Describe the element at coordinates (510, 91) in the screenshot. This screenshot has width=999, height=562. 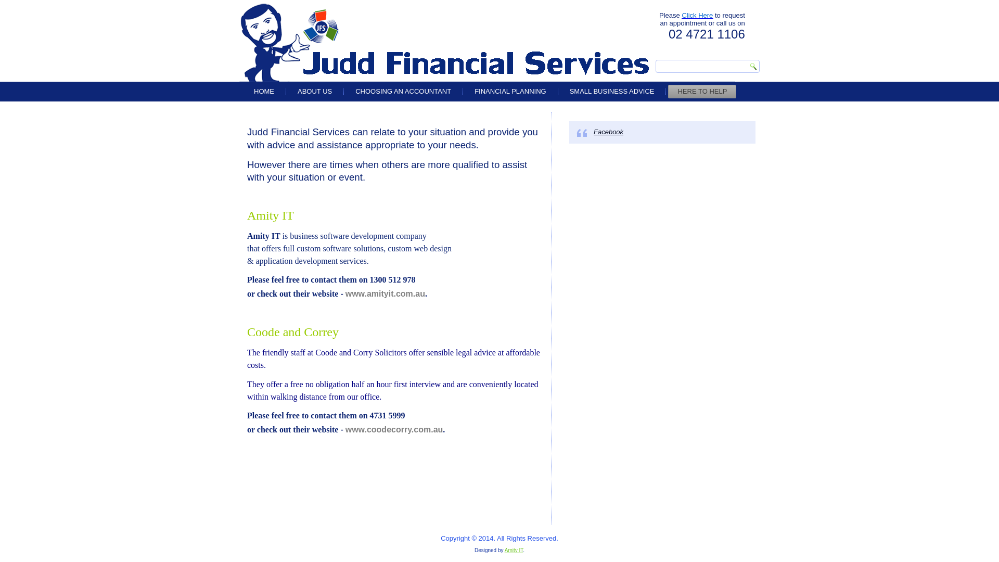
I see `'FINANCIAL PLANNING'` at that location.